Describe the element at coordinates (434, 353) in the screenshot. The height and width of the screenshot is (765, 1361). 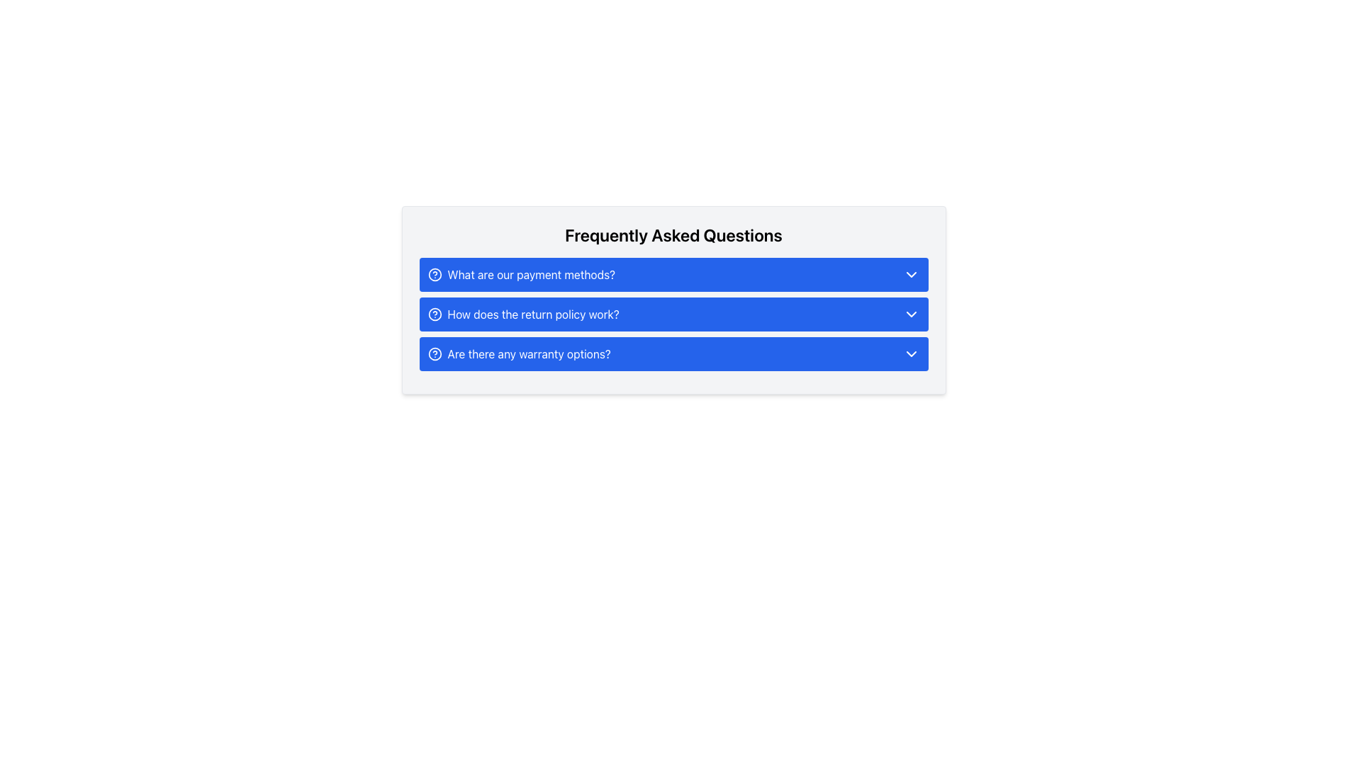
I see `the central Circle (SVG shape) within the third query icon of the FAQ list, positioned below the second FAQ item` at that location.